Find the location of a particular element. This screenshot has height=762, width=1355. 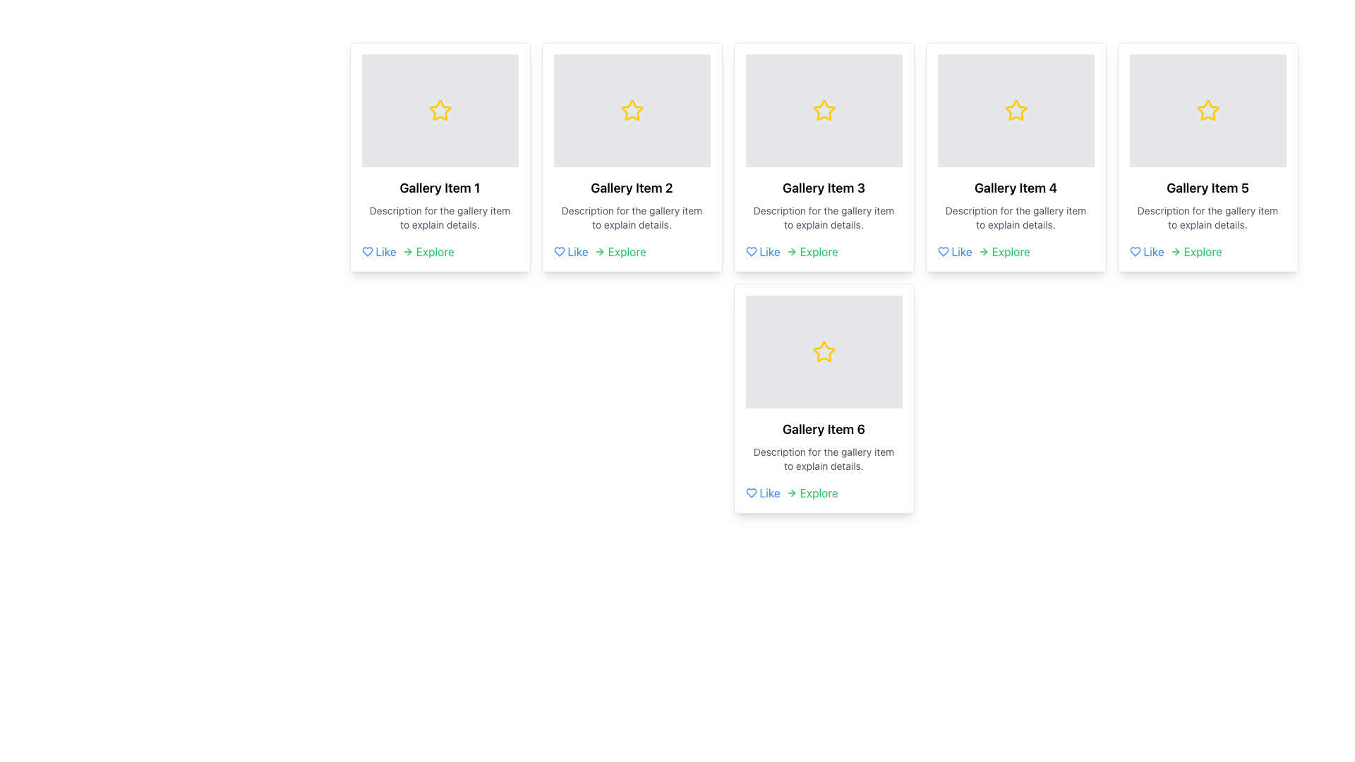

the 'Explore' text element, which is styled with green text and accompanied by a right-pointing arrow icon, located in the lower section of the 'Gallery Item 4' panel is located at coordinates (1015, 251).